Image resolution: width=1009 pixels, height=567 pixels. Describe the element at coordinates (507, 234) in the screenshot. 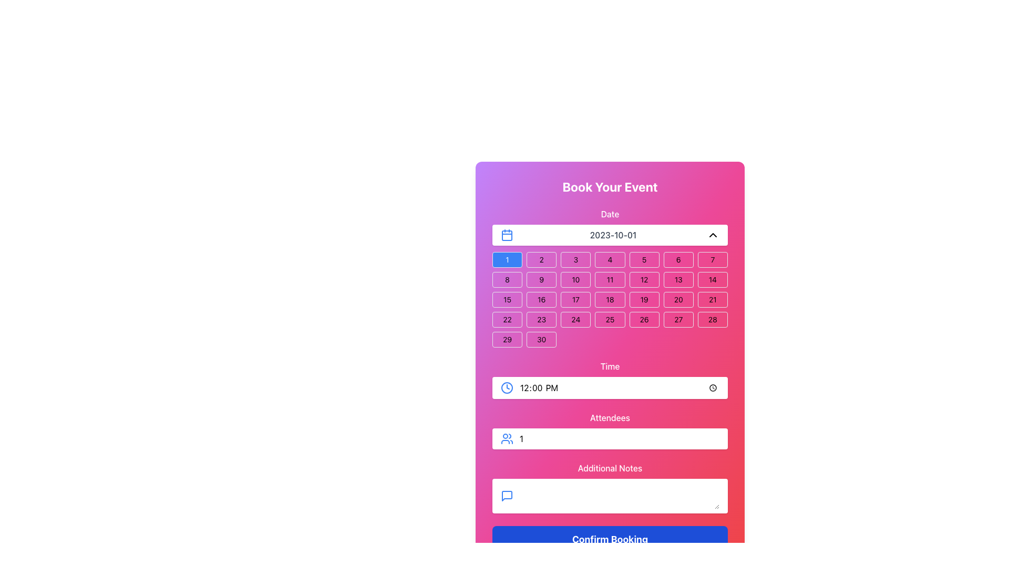

I see `the blue calendar icon with a white background and thin blue outline` at that location.